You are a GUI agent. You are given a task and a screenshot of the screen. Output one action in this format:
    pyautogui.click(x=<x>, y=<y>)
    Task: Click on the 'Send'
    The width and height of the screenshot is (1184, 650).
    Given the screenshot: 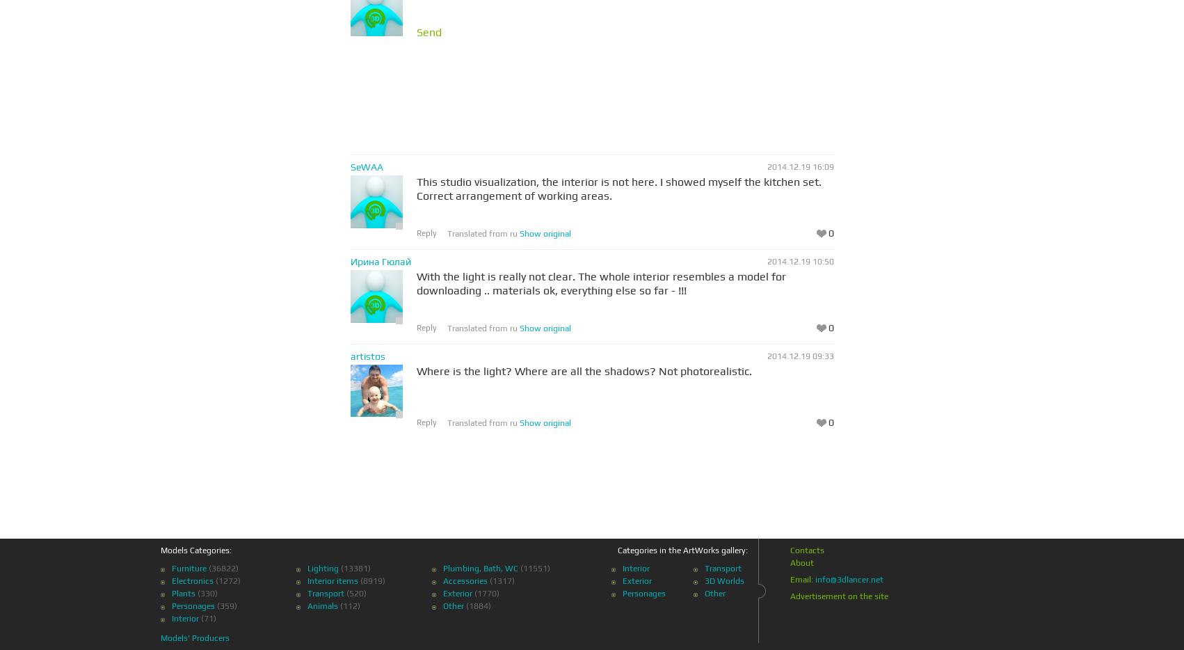 What is the action you would take?
    pyautogui.click(x=428, y=31)
    